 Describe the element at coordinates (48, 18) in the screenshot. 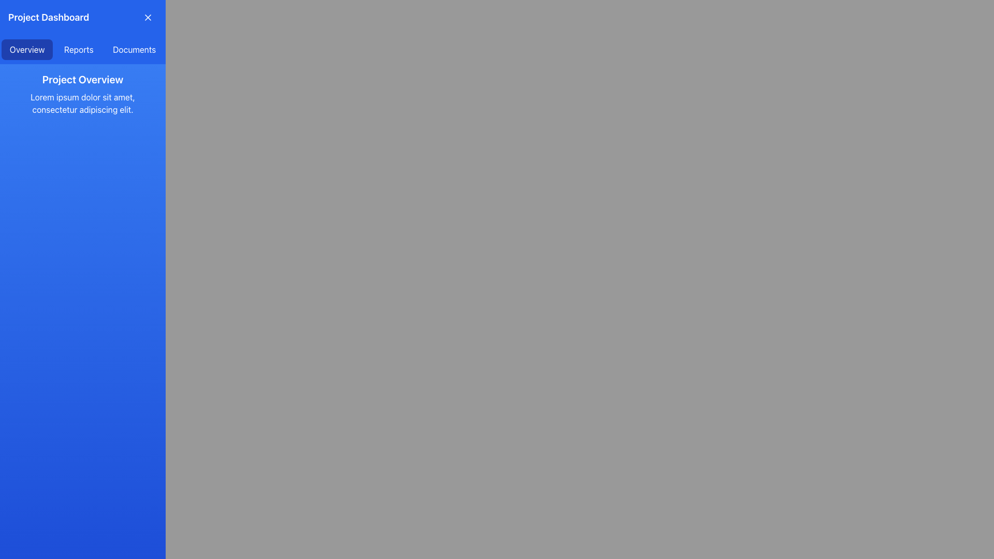

I see `the text label that displays 'Project Dashboard', located in the top left corner of the navigation bar with a blue background` at that location.